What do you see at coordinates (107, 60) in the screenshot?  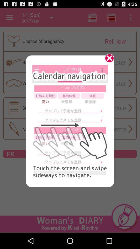 I see `click the x mark to close` at bounding box center [107, 60].